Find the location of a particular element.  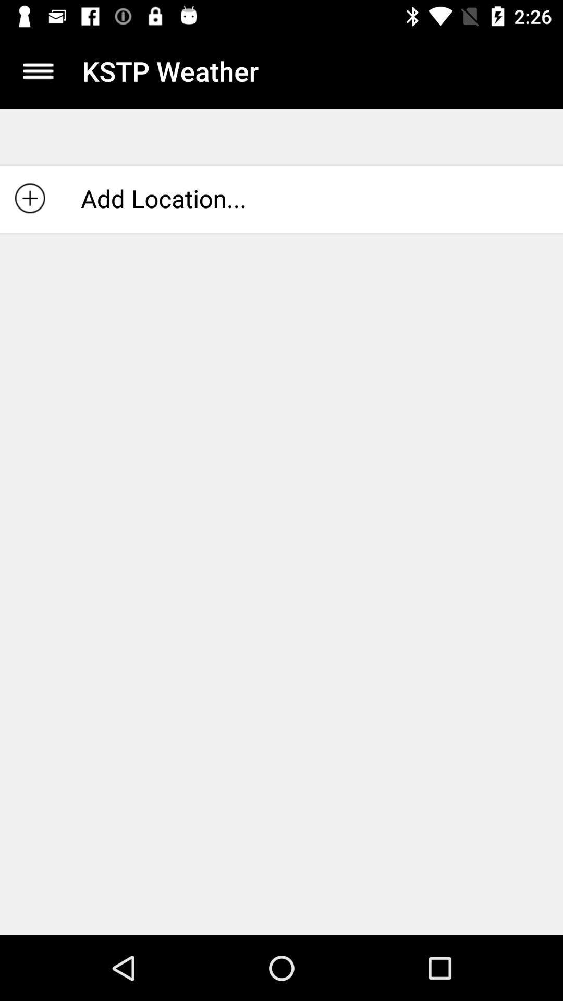

the menu icon is located at coordinates (38, 70).